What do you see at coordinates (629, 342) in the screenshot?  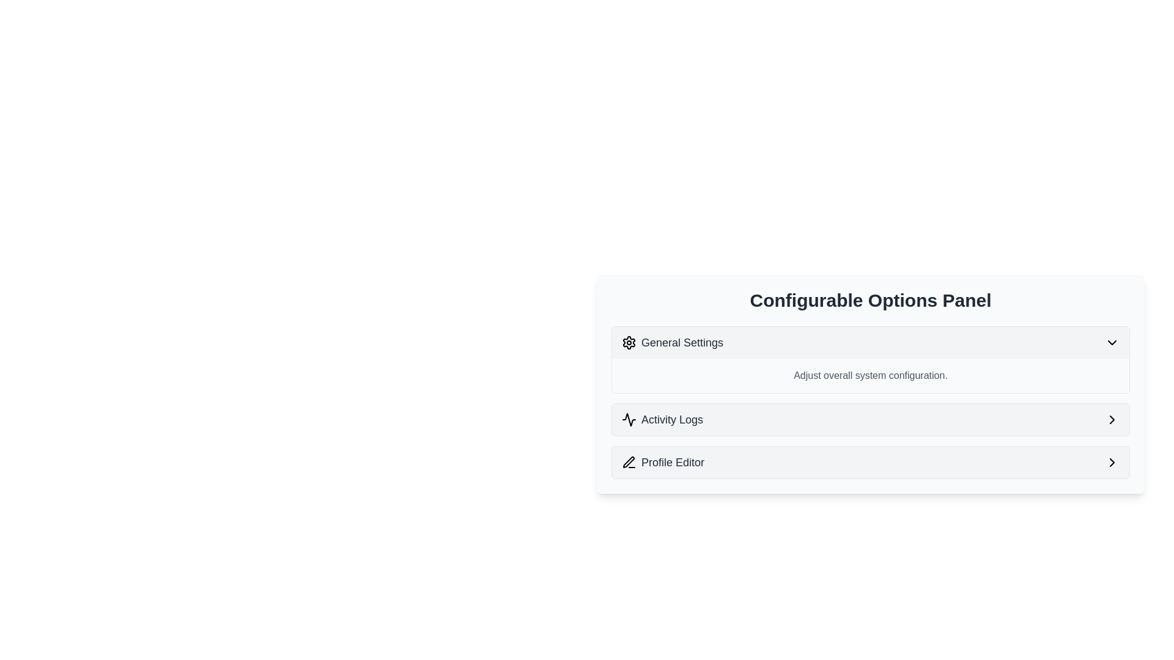 I see `the settings icon located in the Configurable Options Panel next to the text 'General Settings'` at bounding box center [629, 342].